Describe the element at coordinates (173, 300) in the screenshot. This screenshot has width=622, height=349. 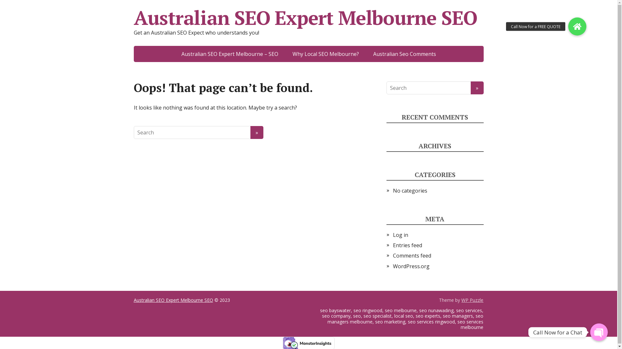
I see `'Australian SEO Expert Melbourne SEO'` at that location.